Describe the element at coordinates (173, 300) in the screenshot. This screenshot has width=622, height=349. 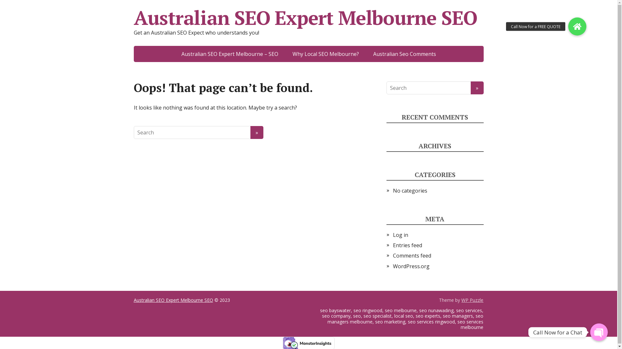
I see `'Australian SEO Expert Melbourne SEO'` at that location.